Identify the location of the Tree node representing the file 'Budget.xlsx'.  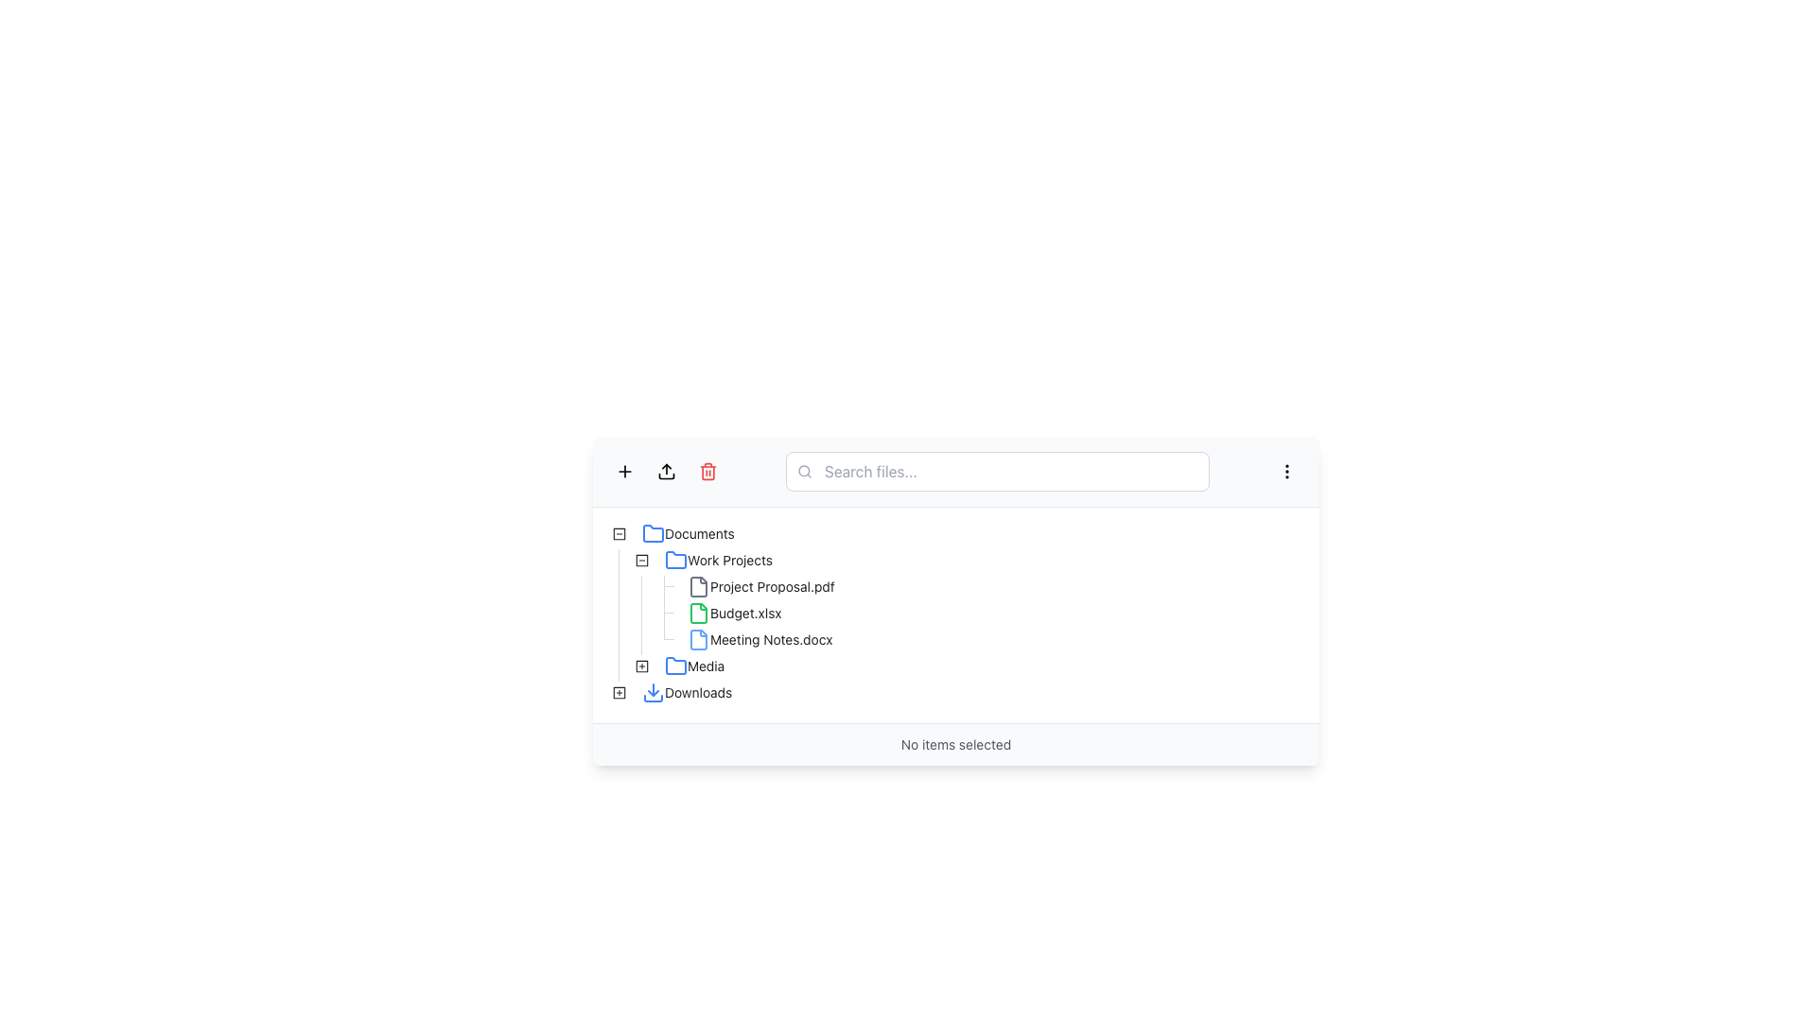
(733, 613).